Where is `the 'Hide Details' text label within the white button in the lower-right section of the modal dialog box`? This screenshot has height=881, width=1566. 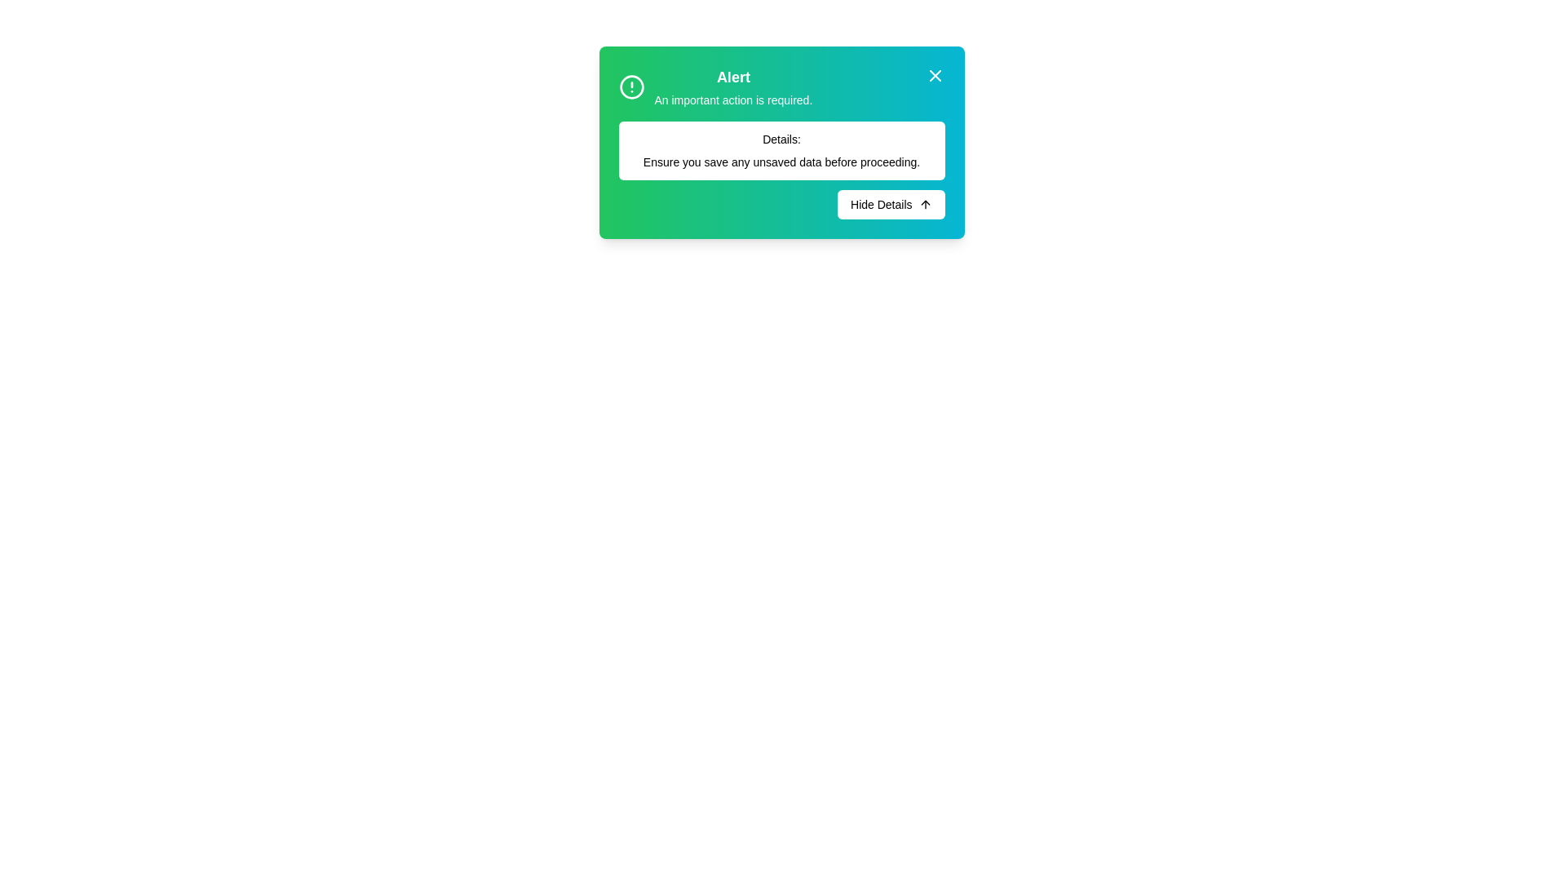
the 'Hide Details' text label within the white button in the lower-right section of the modal dialog box is located at coordinates (880, 203).